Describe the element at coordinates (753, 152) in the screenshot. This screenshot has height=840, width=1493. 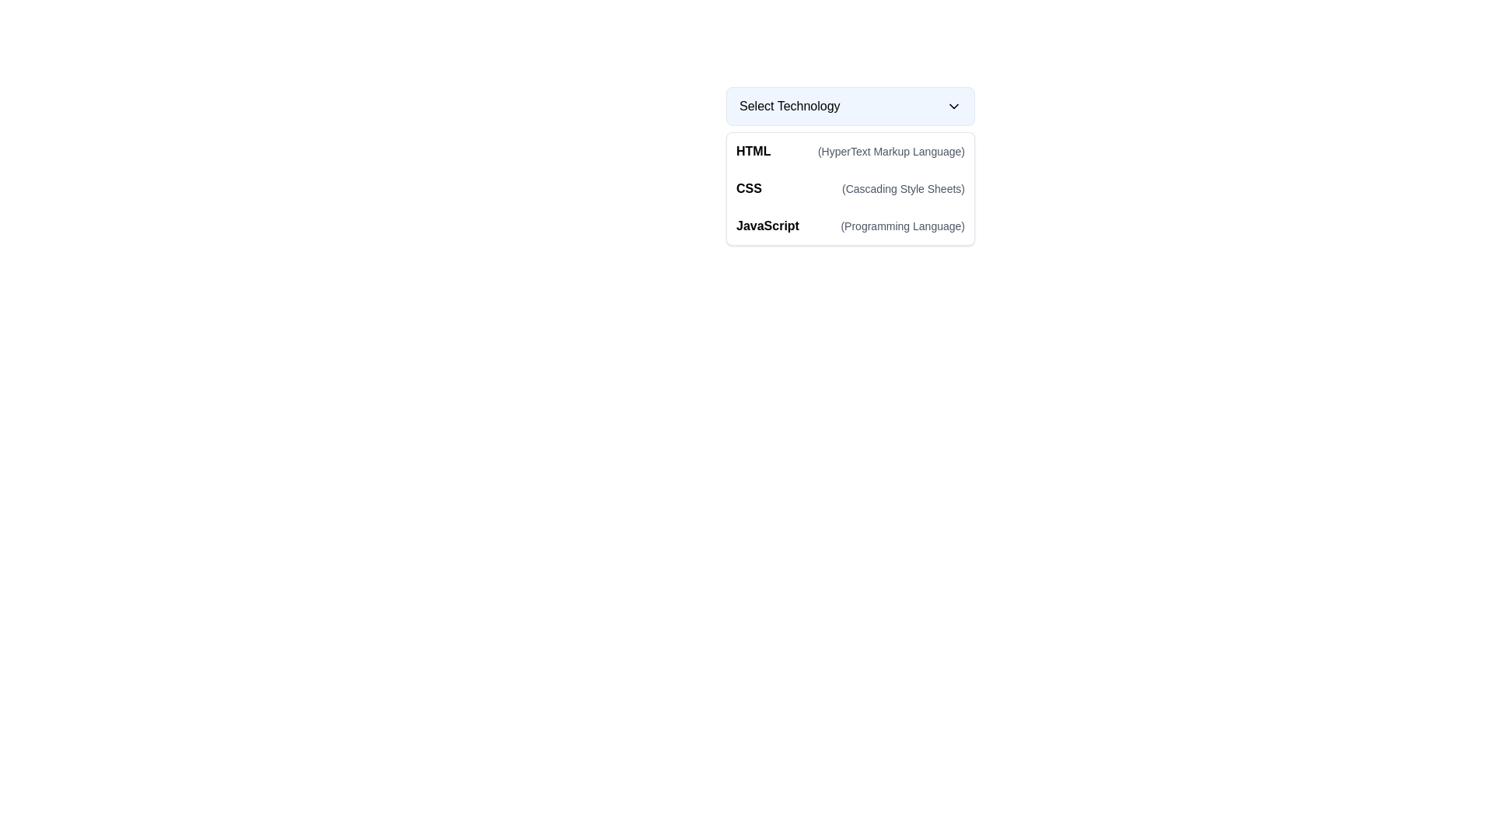
I see `the bold and prominent text label styled as 'HTML' located in the first row of the dropdown list, adjacent to '(HyperText Markup Language)'` at that location.